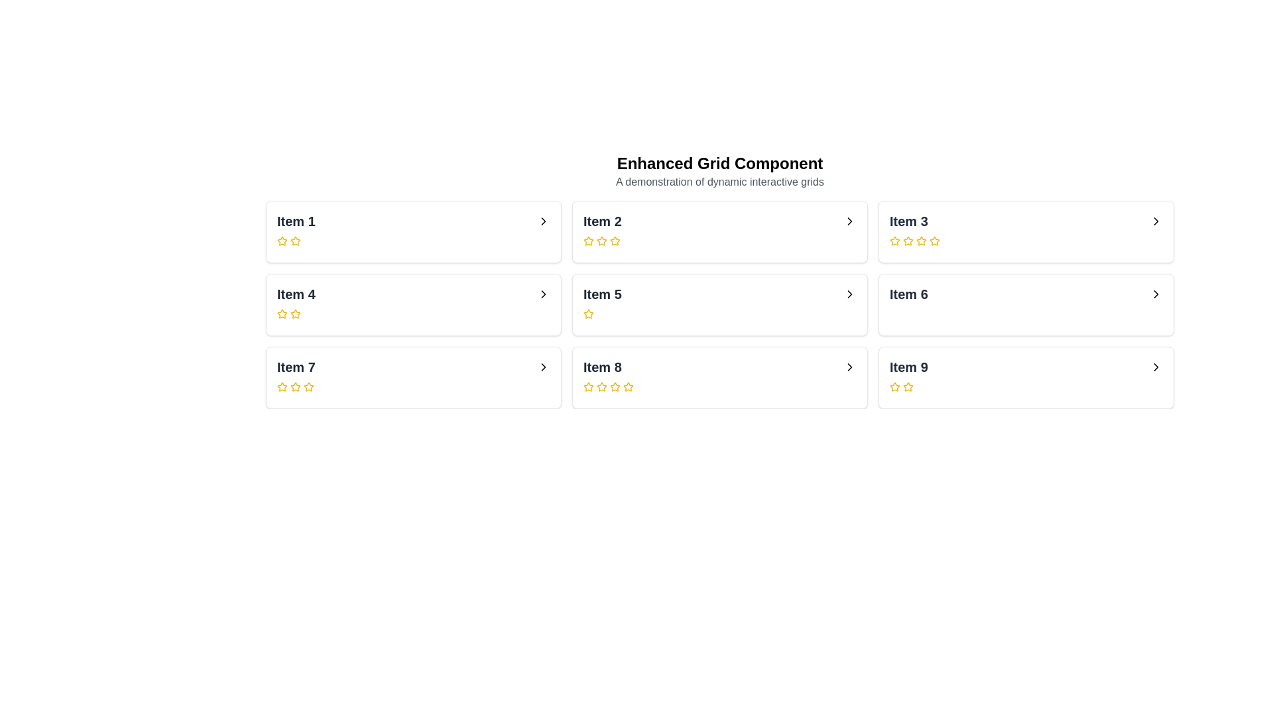 The image size is (1273, 716). What do you see at coordinates (719, 182) in the screenshot?
I see `text element that serves as a subtitle or description for the main content under the heading 'Enhanced Grid Component', located in the header section of the page` at bounding box center [719, 182].